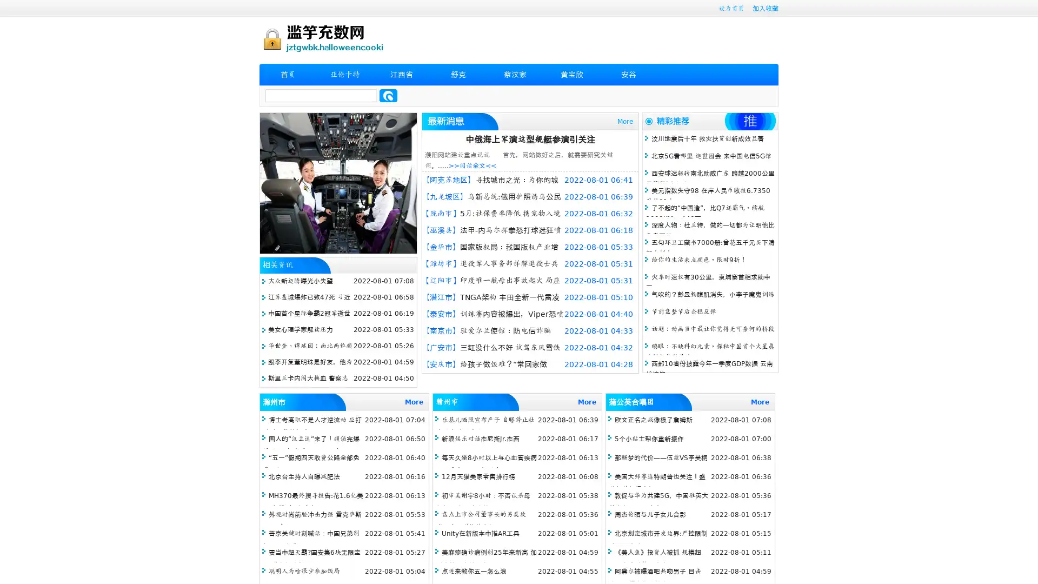  I want to click on Search, so click(388, 95).